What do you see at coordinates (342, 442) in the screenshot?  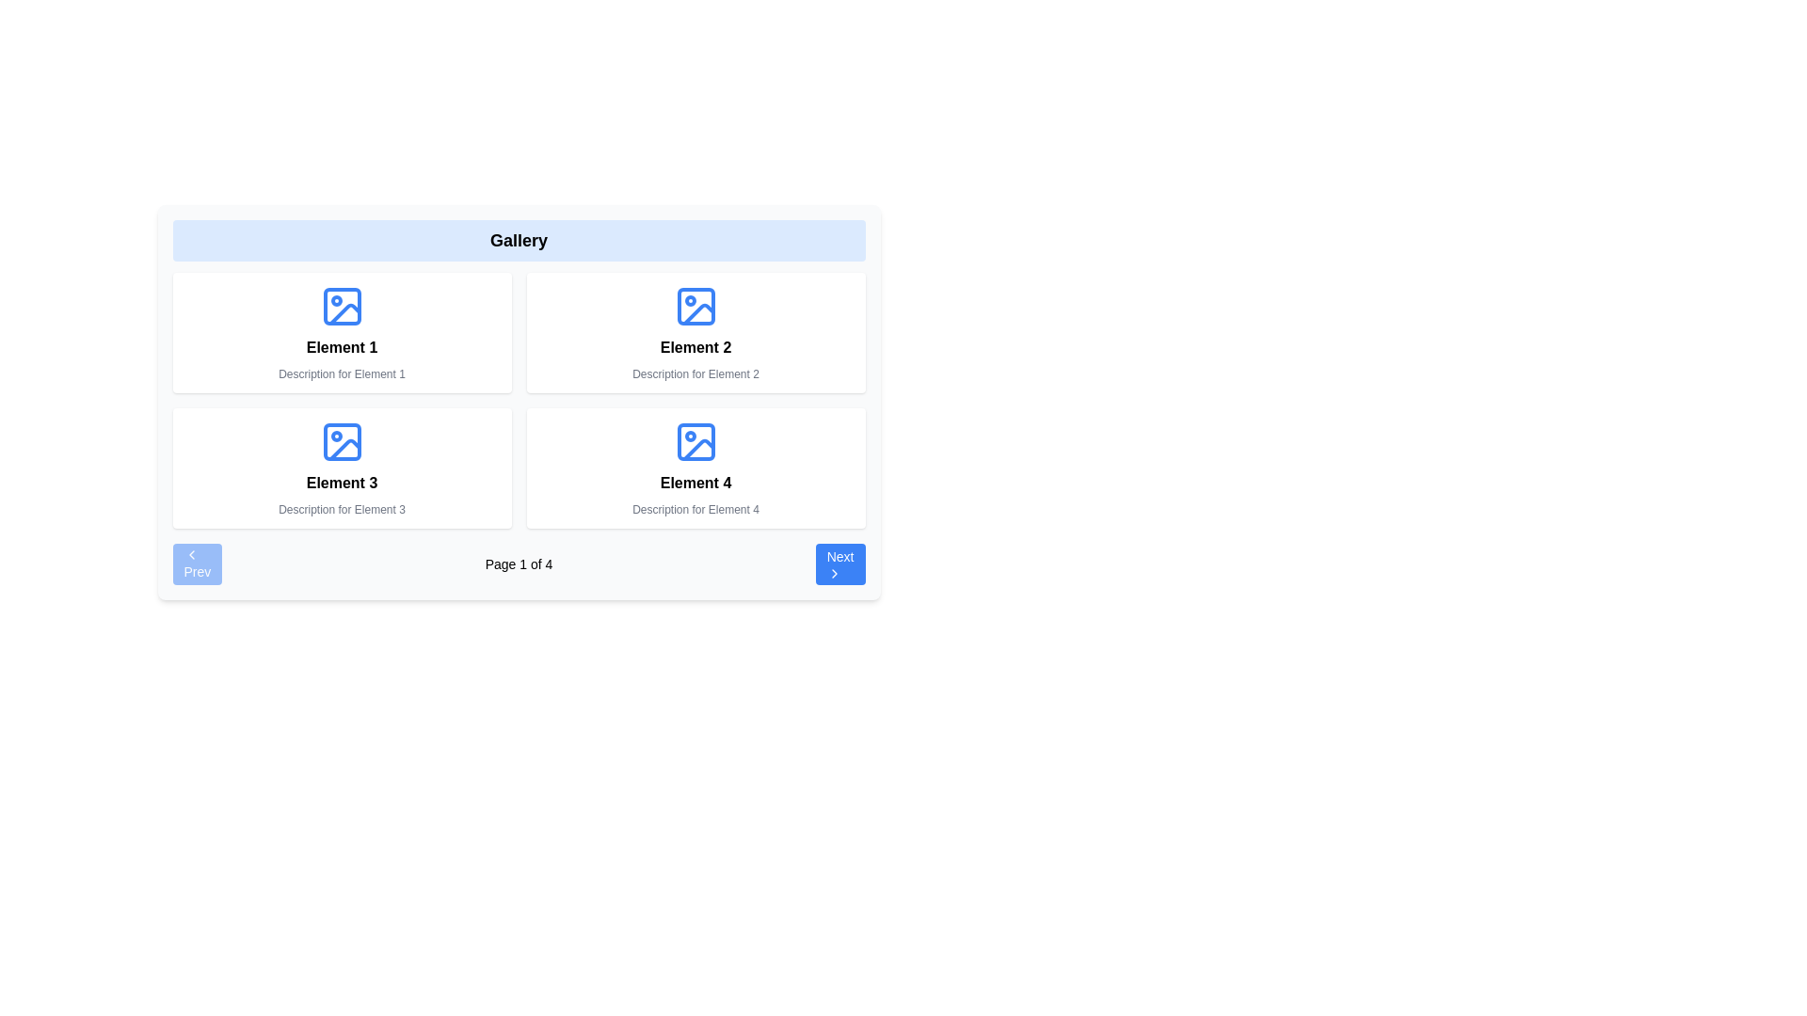 I see `Vector graphic component that represents the image icon associated with 'Element 3' in the third position of a 2x2 grid layout in the gallery section` at bounding box center [342, 442].